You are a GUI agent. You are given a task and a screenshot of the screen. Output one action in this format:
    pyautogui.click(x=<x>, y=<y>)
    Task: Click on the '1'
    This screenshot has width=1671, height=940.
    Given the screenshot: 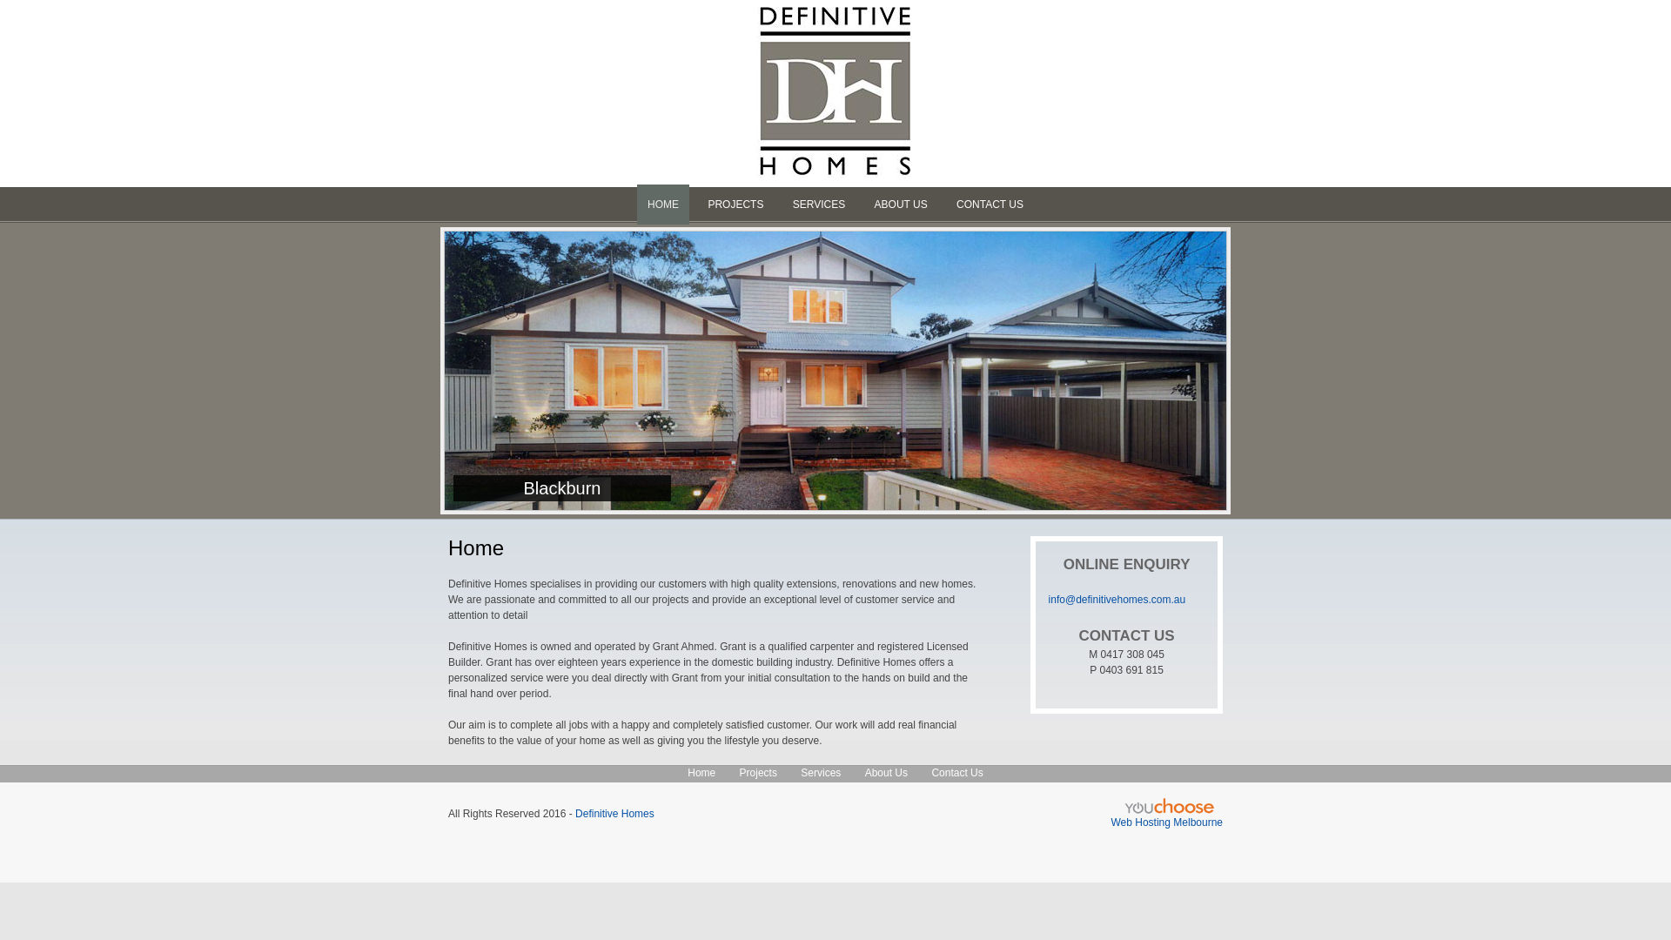 What is the action you would take?
    pyautogui.click(x=789, y=245)
    